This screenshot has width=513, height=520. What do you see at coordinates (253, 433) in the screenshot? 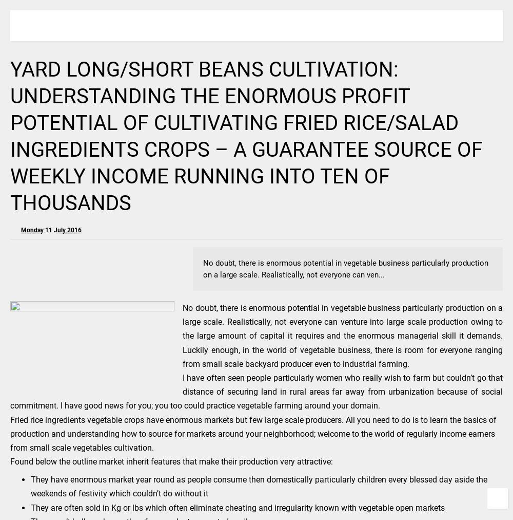
I see `'Fried rice ingredients vegetable crops have enormous markets but few large scale producers. All you need to do is to learn the basics of production and understanding how to source for markets around your neighborhood; welcome to the world of regularly income earners from small scale vegetables cultivation.'` at bounding box center [253, 433].